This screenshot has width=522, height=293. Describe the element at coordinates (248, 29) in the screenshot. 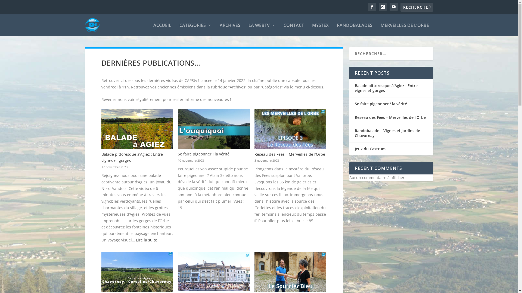

I see `'LA WEBTV'` at that location.